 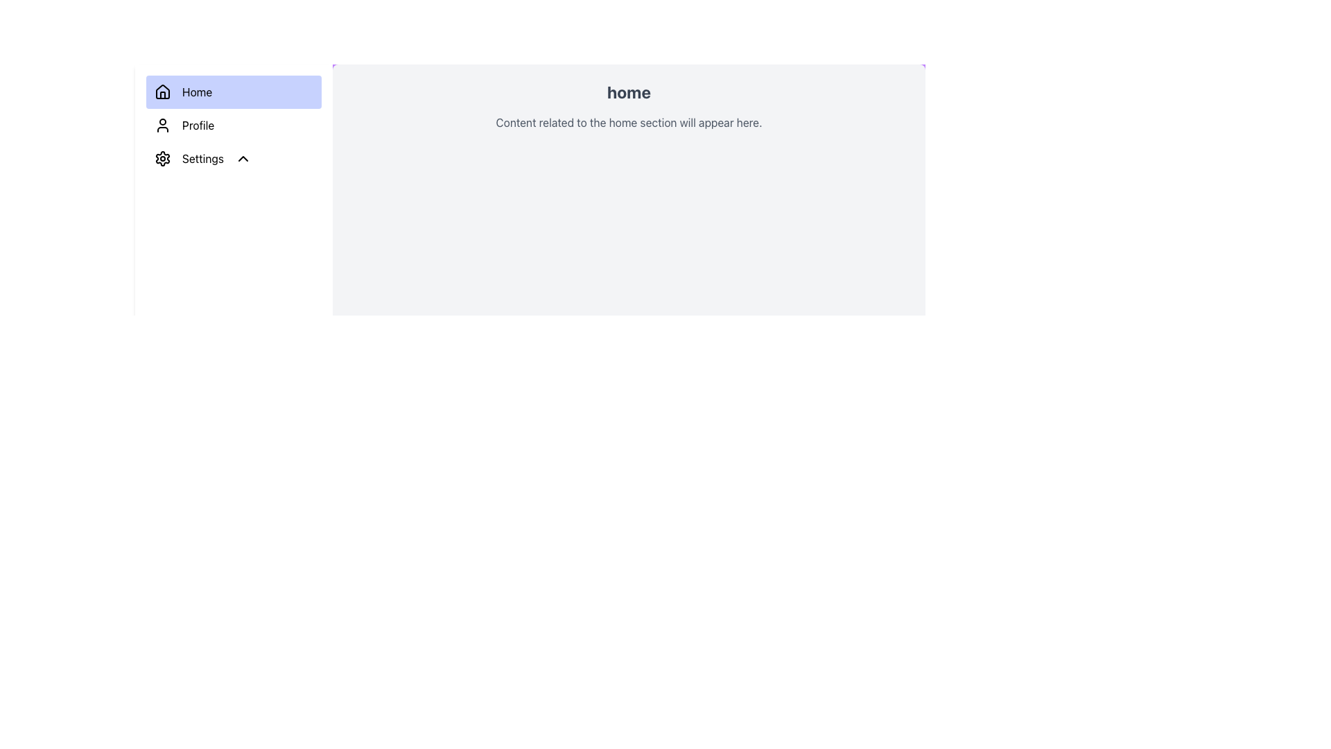 I want to click on the upward-facing chevron icon, which is styled in black and located next to the 'Settings' text in the left sidebar navigation, so click(x=243, y=157).